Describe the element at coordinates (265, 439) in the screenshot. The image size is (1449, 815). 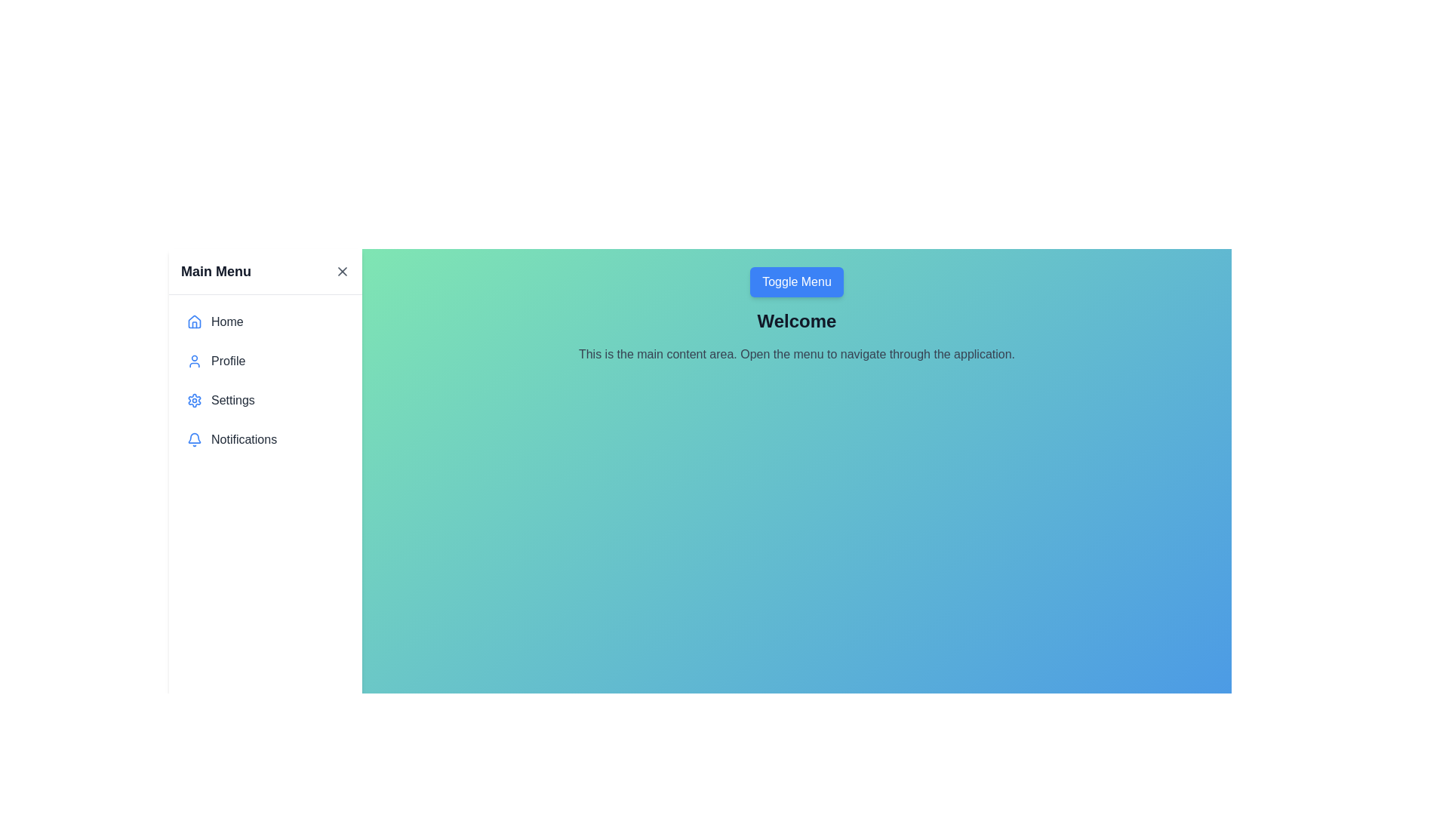
I see `the Notifications list item in the left-hand navigation menu, which features a blue notification bell icon and medium gray text. This item is the fourth in the menu, positioned below Settings` at that location.